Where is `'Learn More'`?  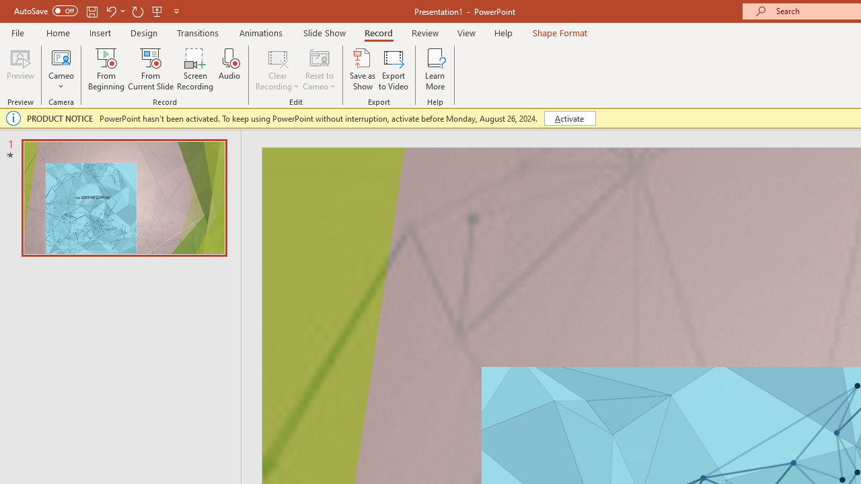 'Learn More' is located at coordinates (435, 69).